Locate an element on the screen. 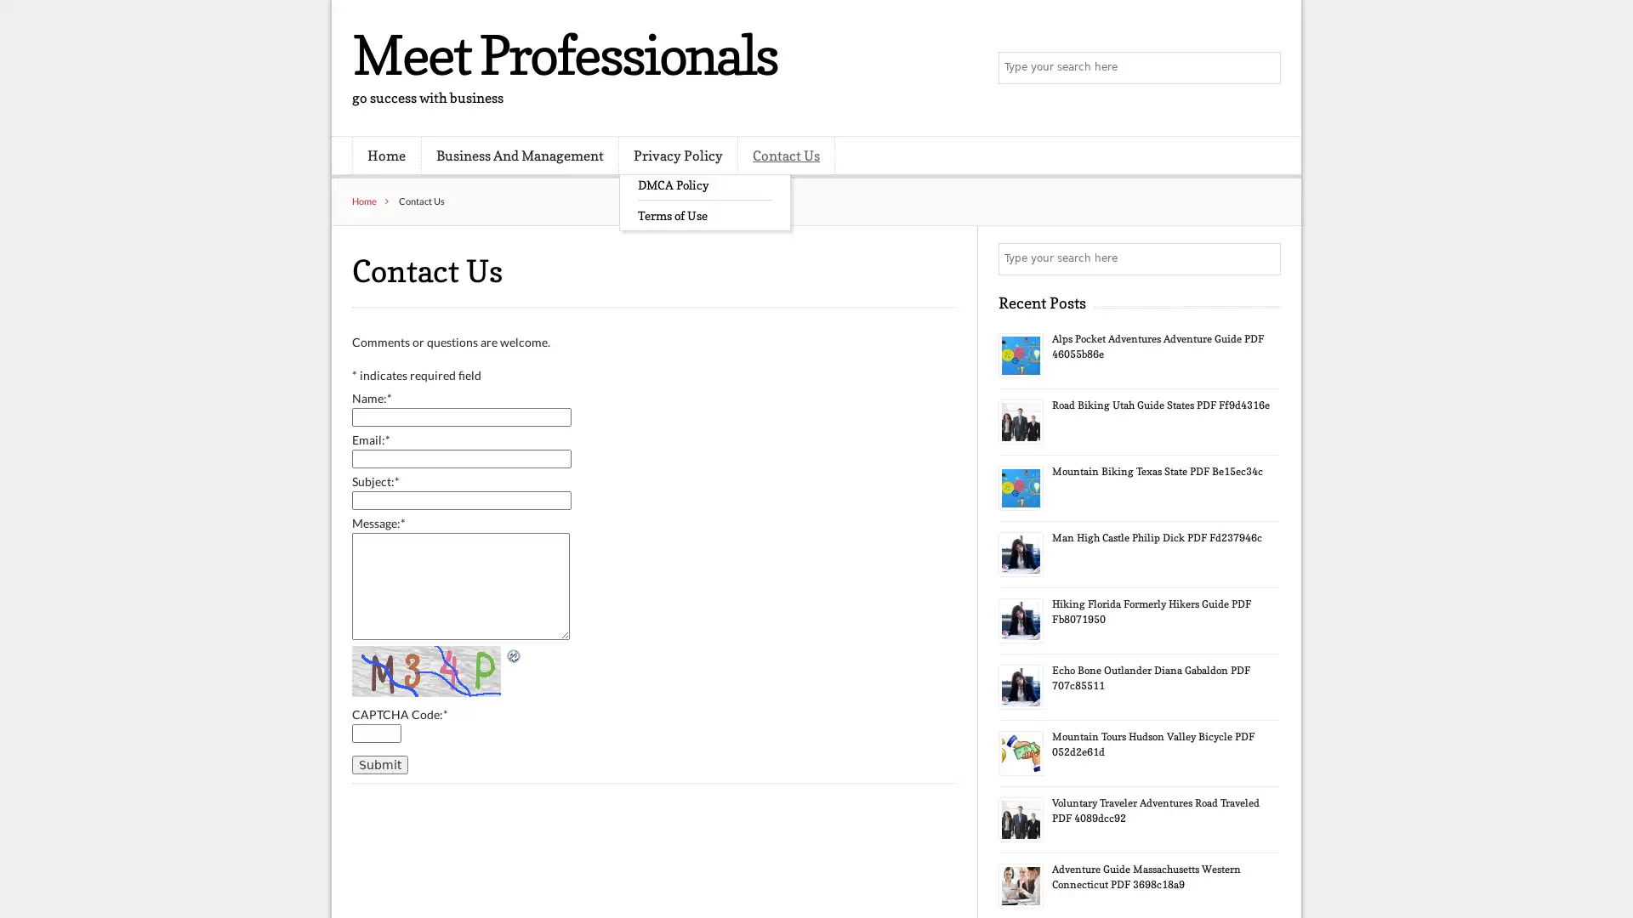 The image size is (1633, 918). Submit is located at coordinates (378, 762).